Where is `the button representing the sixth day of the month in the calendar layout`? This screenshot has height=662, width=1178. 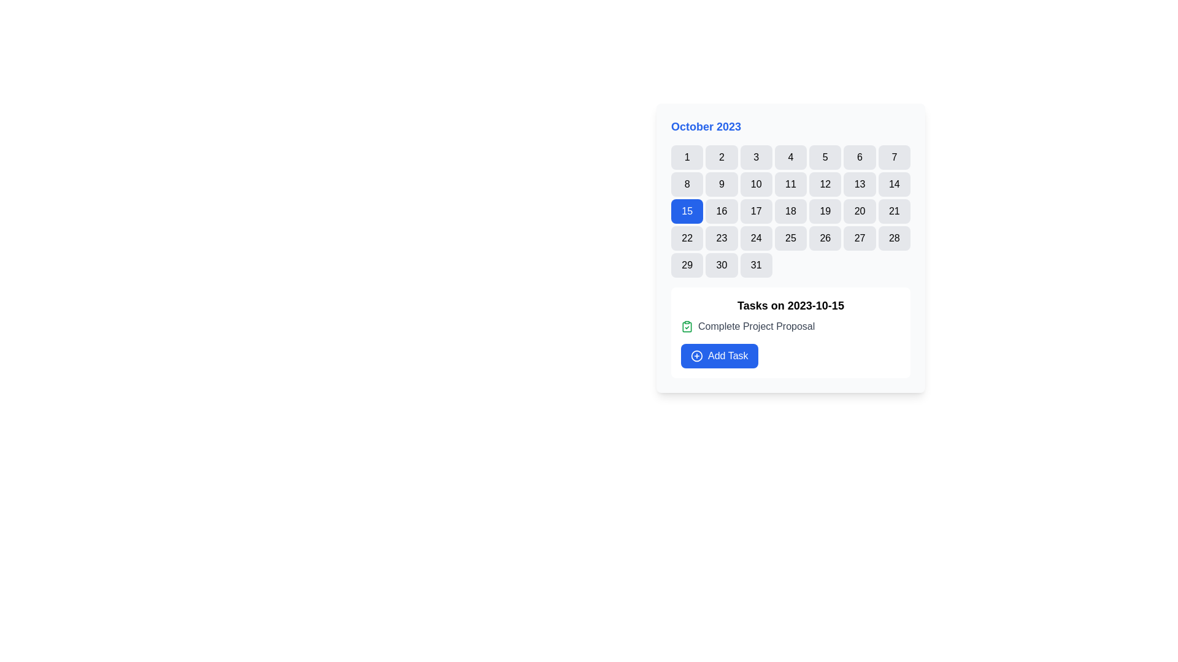 the button representing the sixth day of the month in the calendar layout is located at coordinates (859, 157).